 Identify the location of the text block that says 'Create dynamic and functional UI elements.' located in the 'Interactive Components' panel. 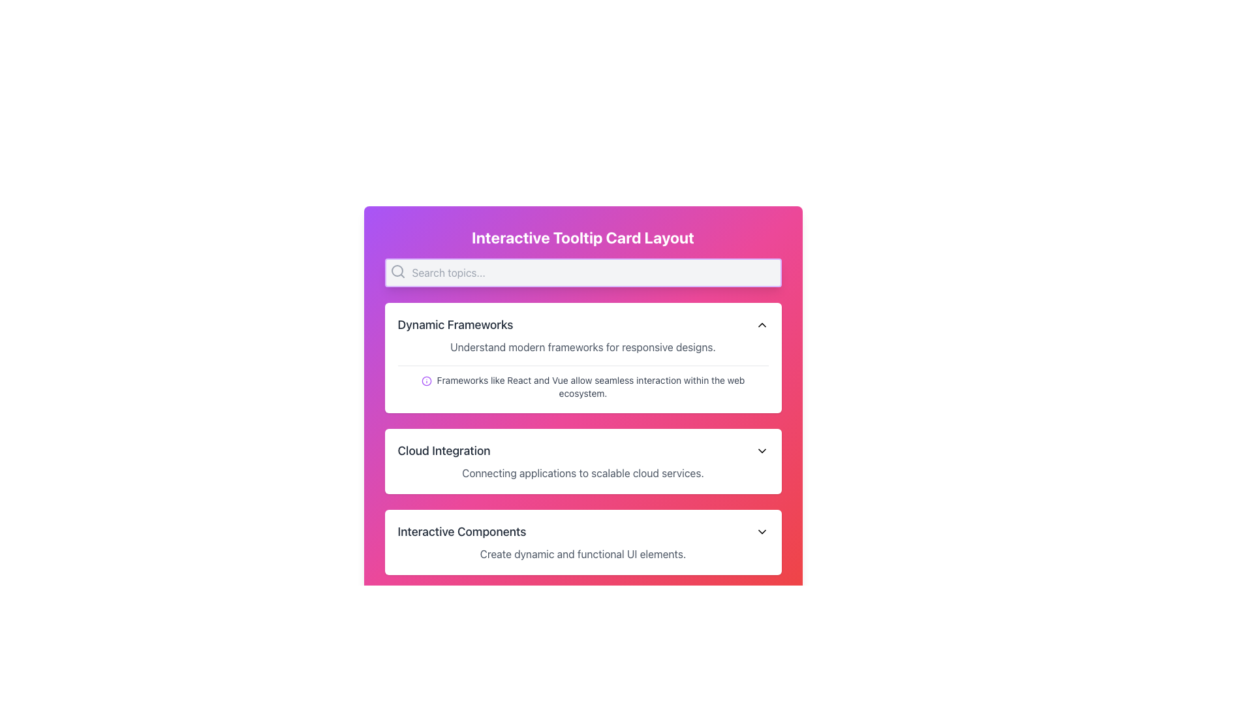
(582, 554).